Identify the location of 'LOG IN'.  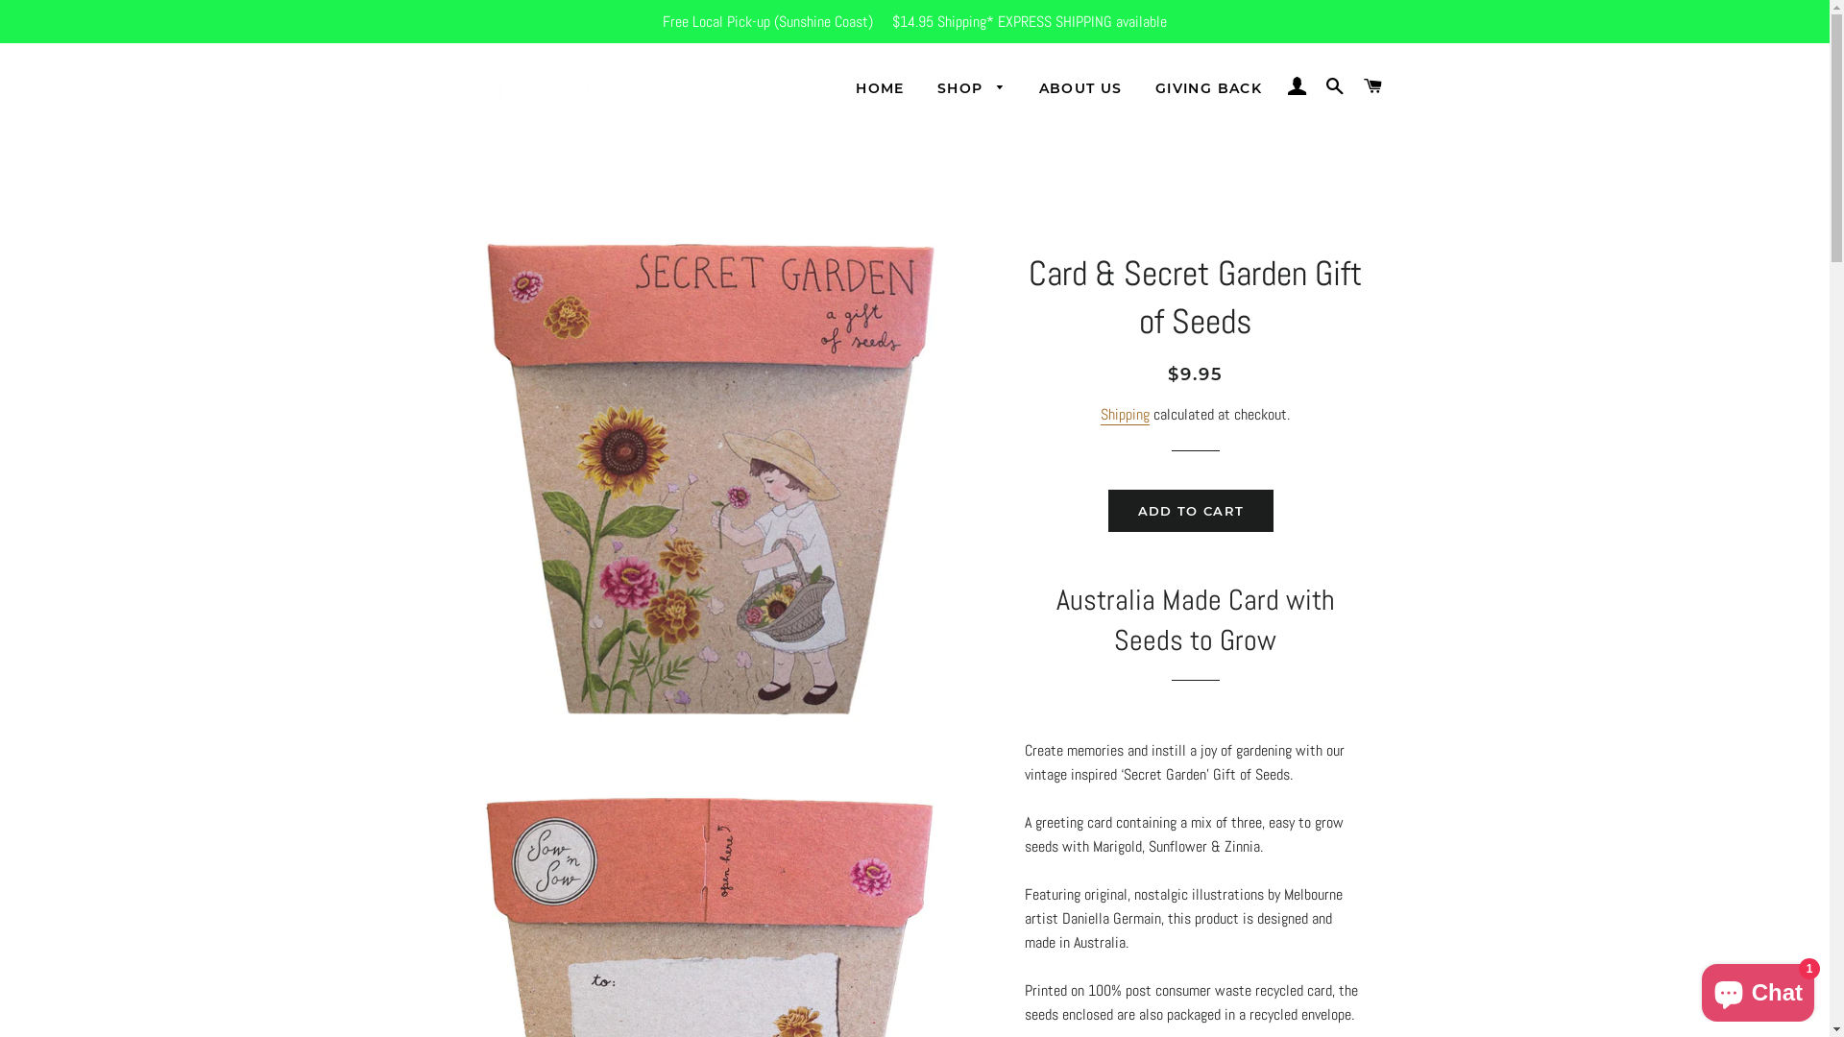
(1280, 84).